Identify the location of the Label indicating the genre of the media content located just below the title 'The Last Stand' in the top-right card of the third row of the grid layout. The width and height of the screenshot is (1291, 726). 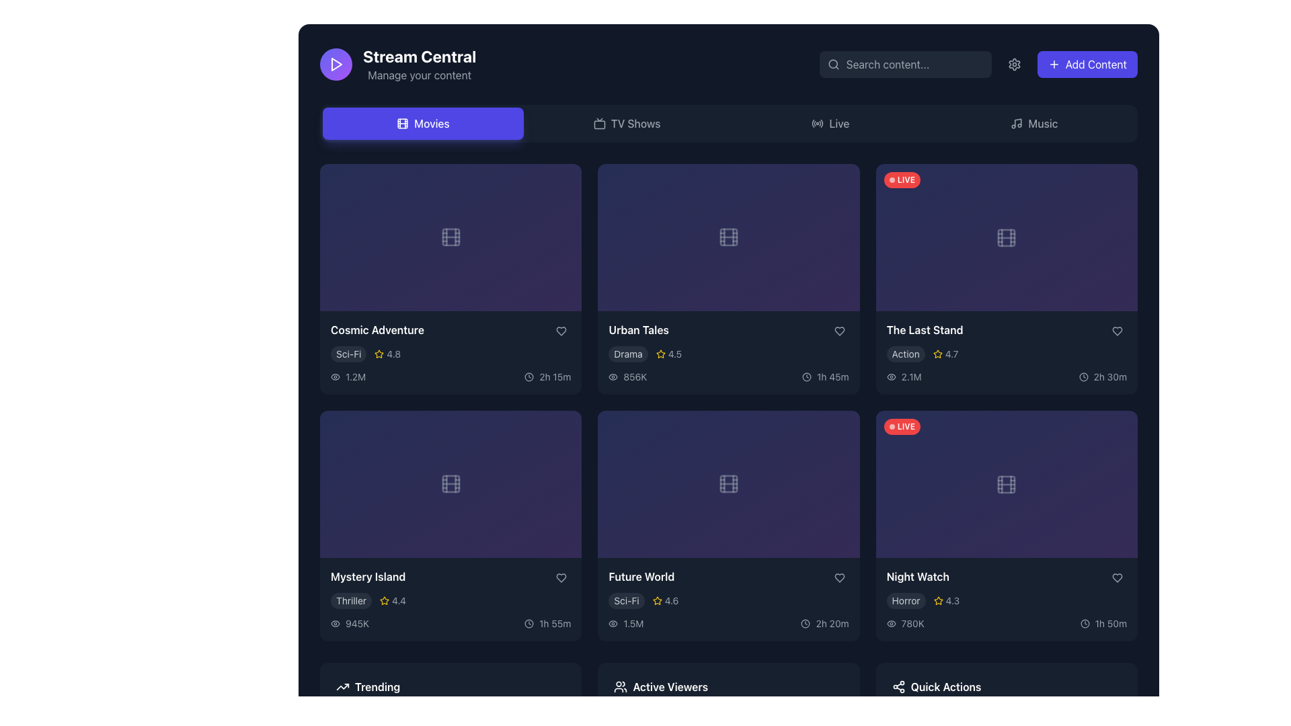
(906, 354).